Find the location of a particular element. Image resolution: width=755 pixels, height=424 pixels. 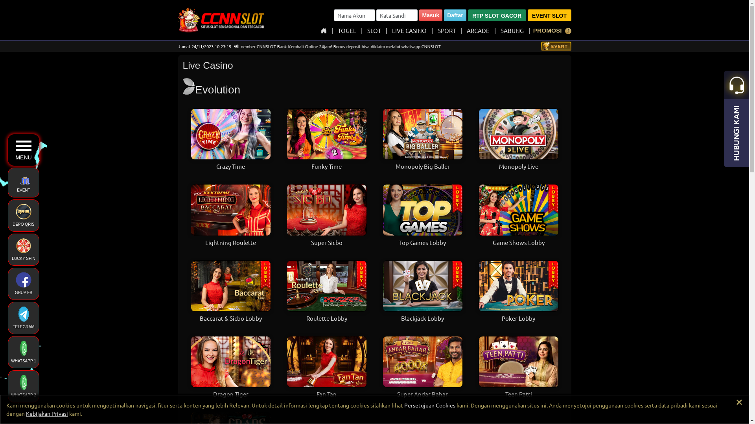

'TOGEL' is located at coordinates (338, 30).